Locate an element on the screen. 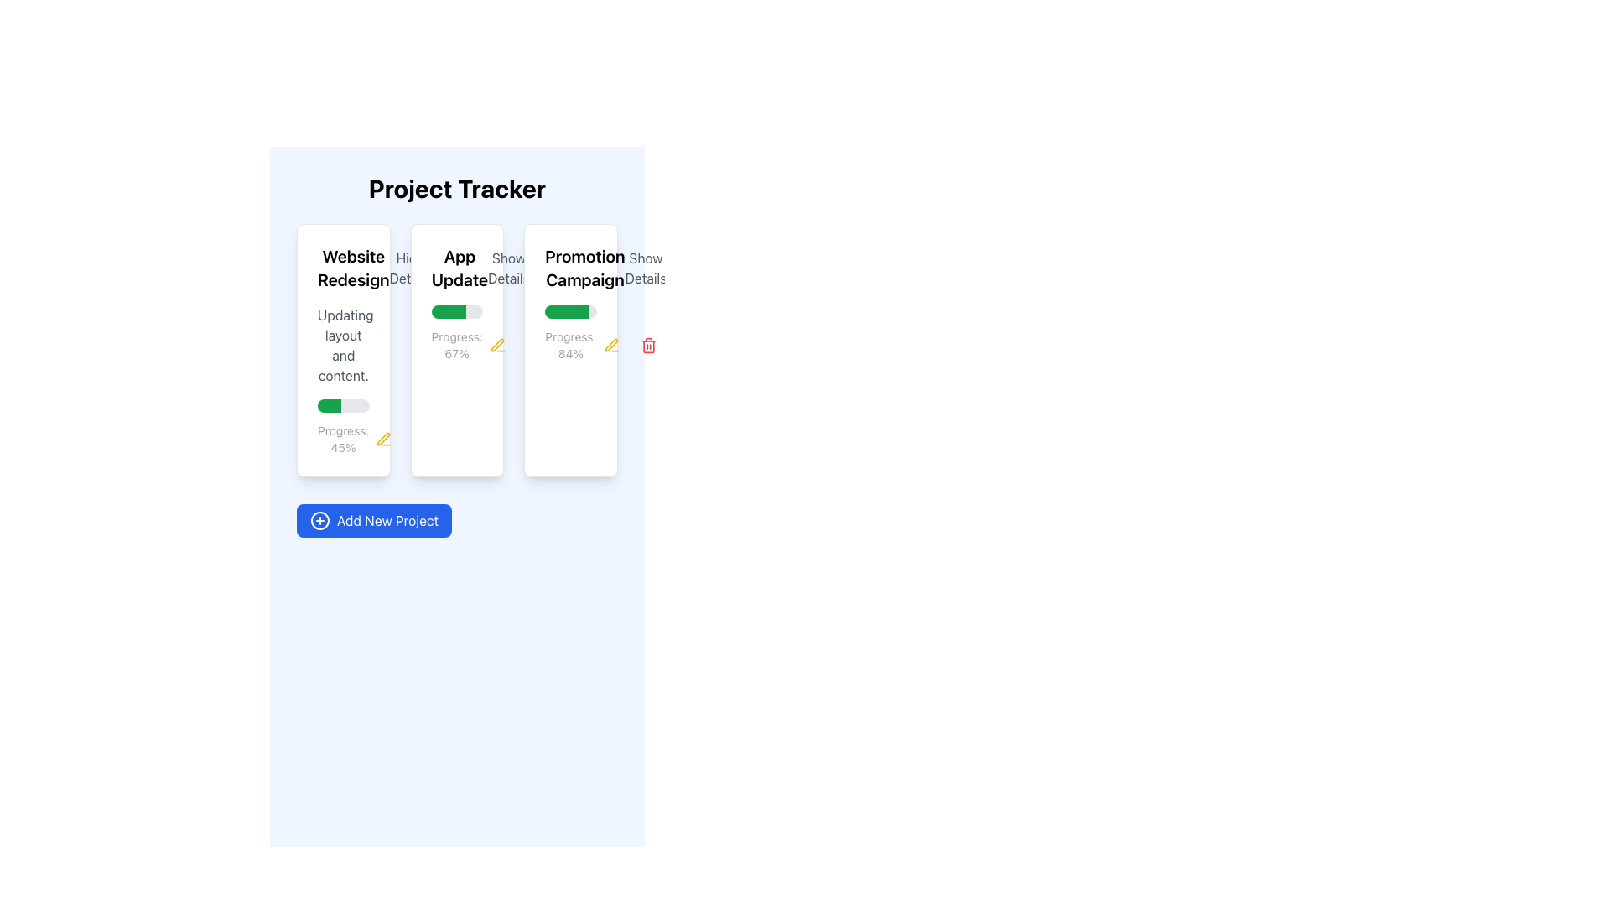  the horizontal progress bar in the 'Website Redesign' card, which is located between the texts 'Updating layout and content.' and 'Progress: 45%' is located at coordinates (342, 405).